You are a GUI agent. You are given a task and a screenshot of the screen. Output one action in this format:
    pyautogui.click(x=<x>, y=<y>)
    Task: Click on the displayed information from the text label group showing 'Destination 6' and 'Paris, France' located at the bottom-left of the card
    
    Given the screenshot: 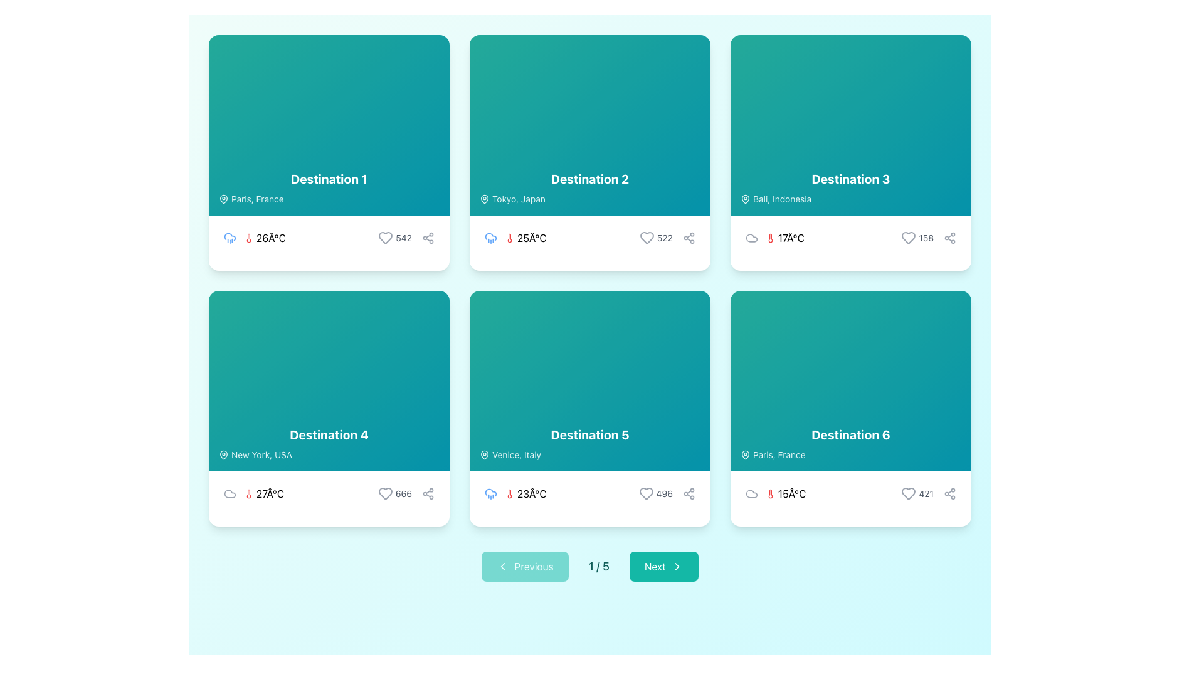 What is the action you would take?
    pyautogui.click(x=851, y=443)
    